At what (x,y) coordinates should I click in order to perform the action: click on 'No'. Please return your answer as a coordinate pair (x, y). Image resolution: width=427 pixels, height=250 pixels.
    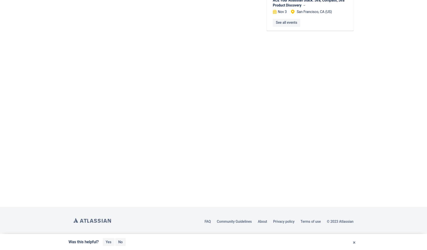
    Looking at the image, I should click on (120, 242).